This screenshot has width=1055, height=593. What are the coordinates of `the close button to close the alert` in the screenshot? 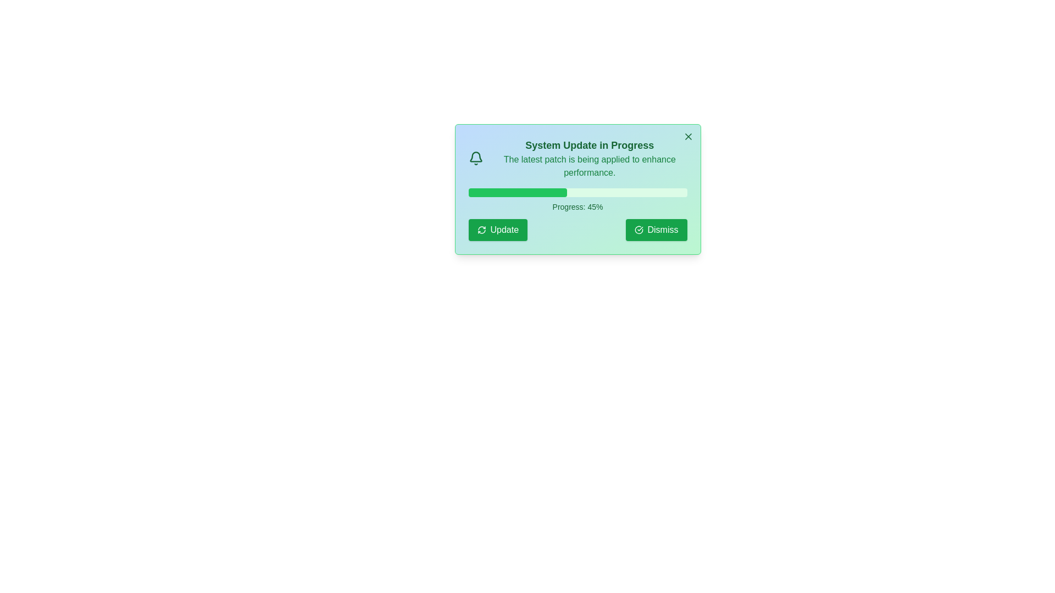 It's located at (687, 136).